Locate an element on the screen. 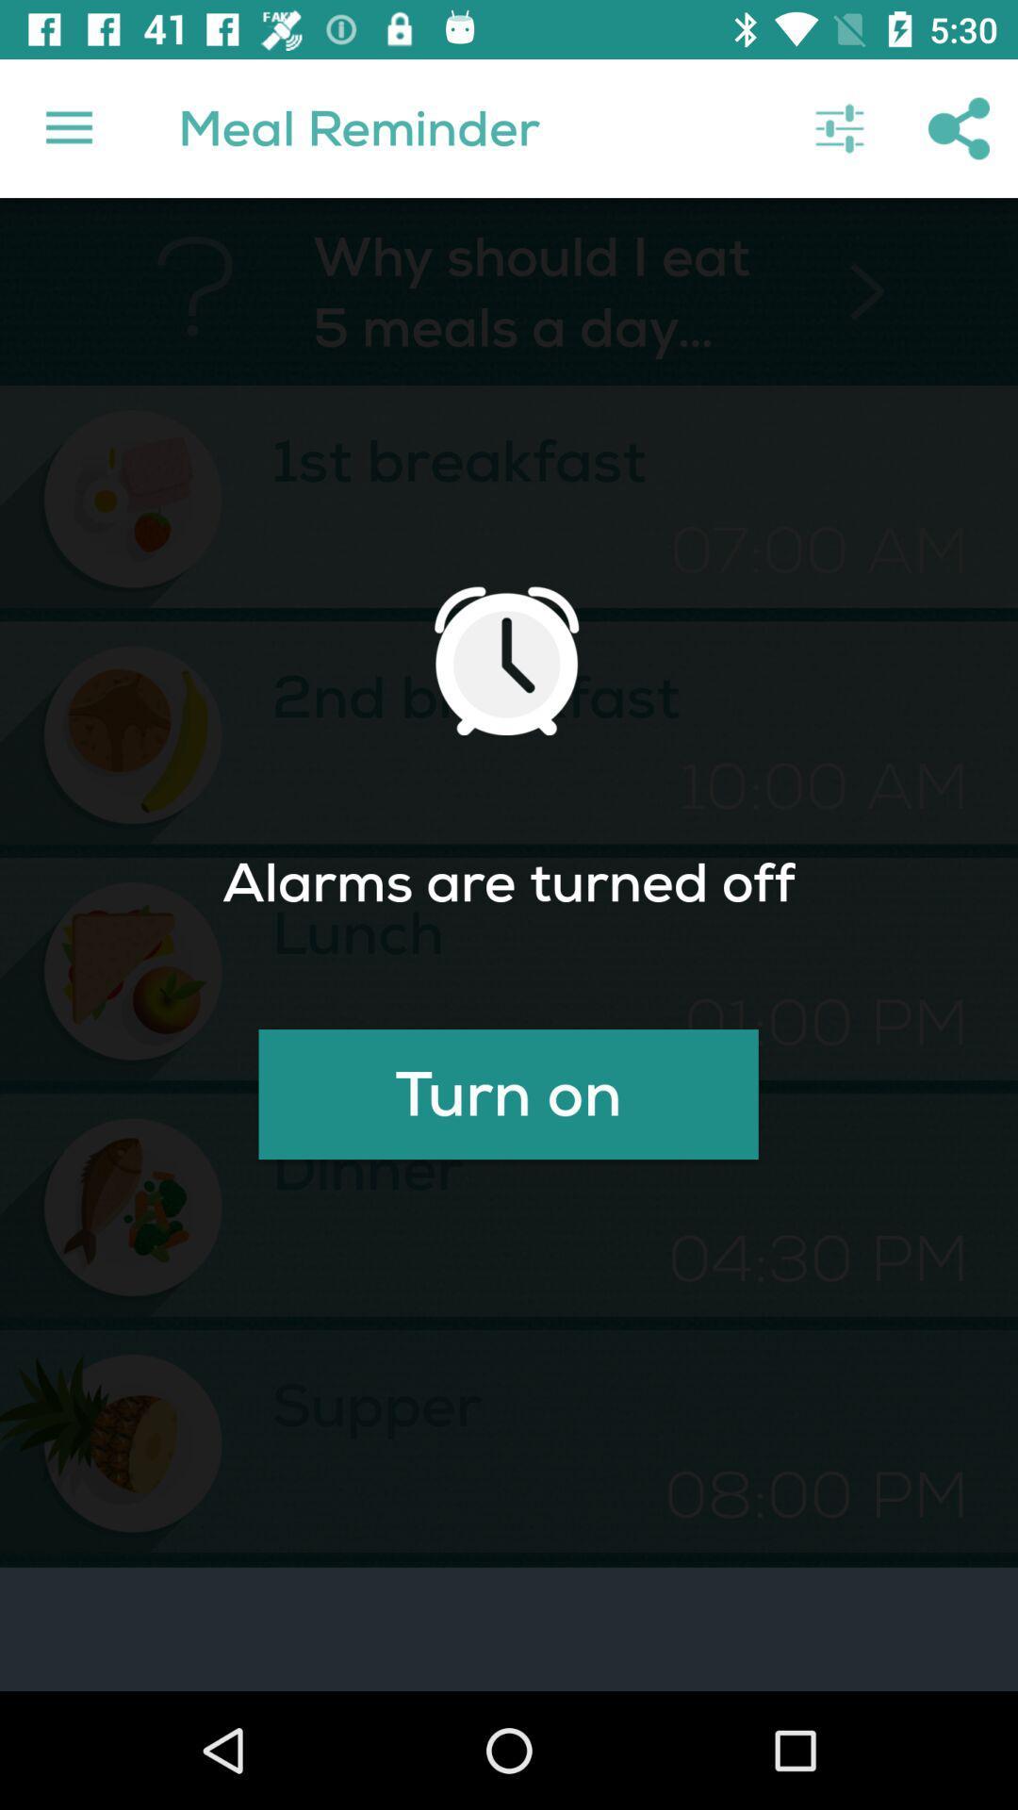  the icon to the right of the meal reminder icon is located at coordinates (839, 127).